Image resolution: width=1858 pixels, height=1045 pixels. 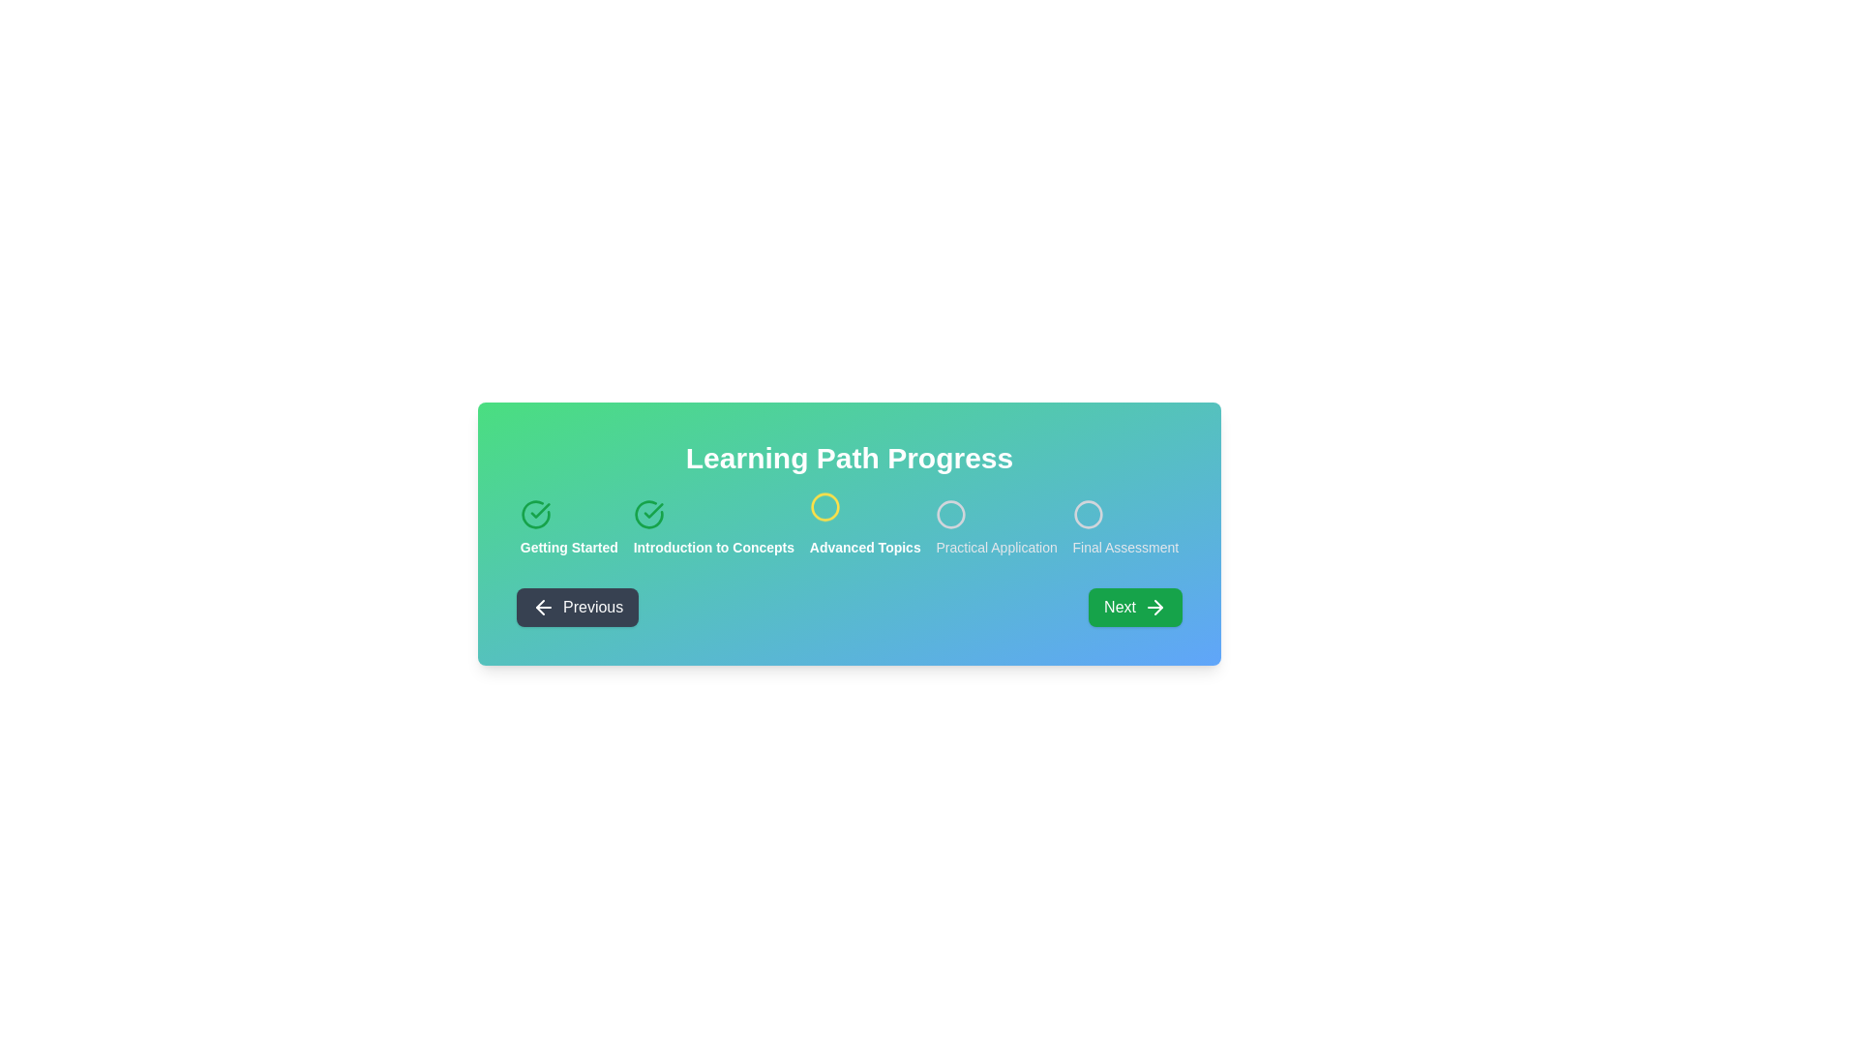 I want to click on the first progress indicator step in the progress tracking UI that visually indicates the completion of the 'Getting Started' stage, so click(x=568, y=528).